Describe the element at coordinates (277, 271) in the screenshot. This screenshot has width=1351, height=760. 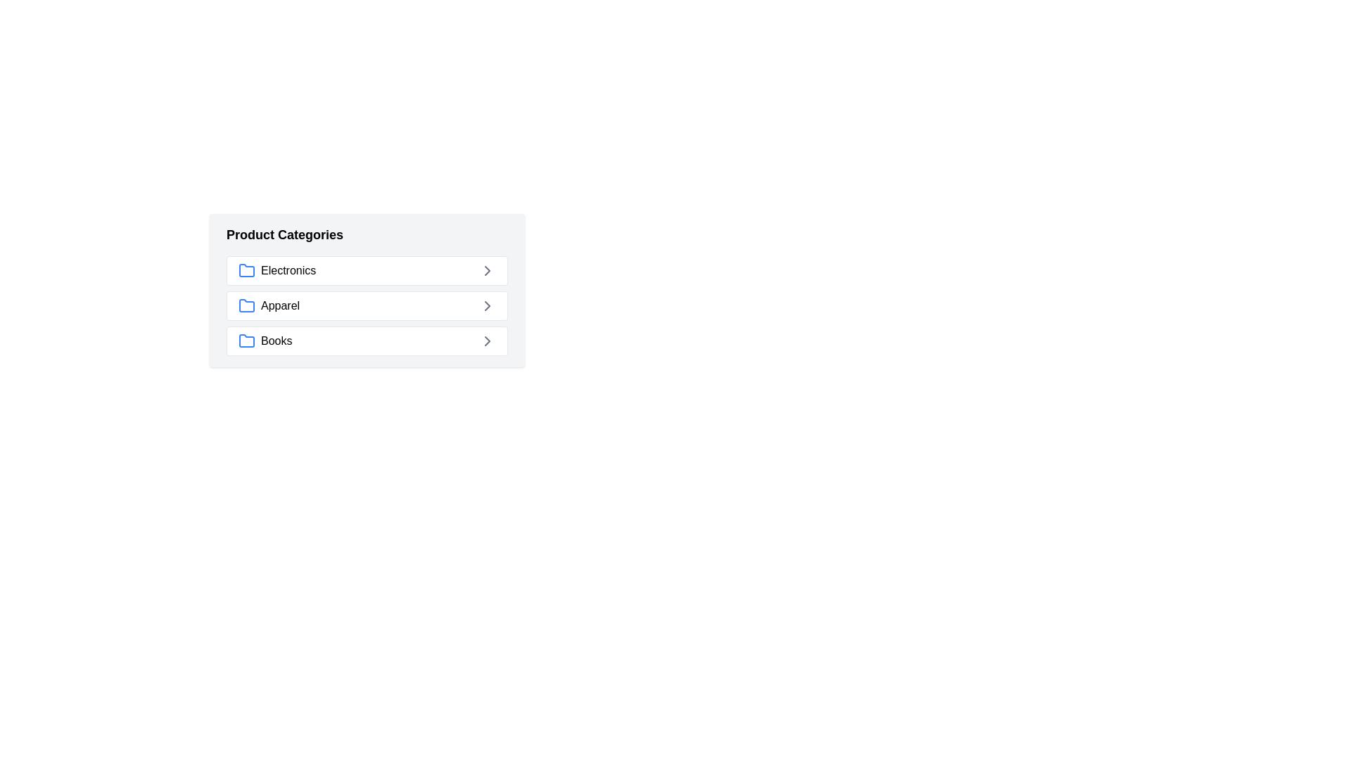
I see `the 'Electronics' category list item` at that location.